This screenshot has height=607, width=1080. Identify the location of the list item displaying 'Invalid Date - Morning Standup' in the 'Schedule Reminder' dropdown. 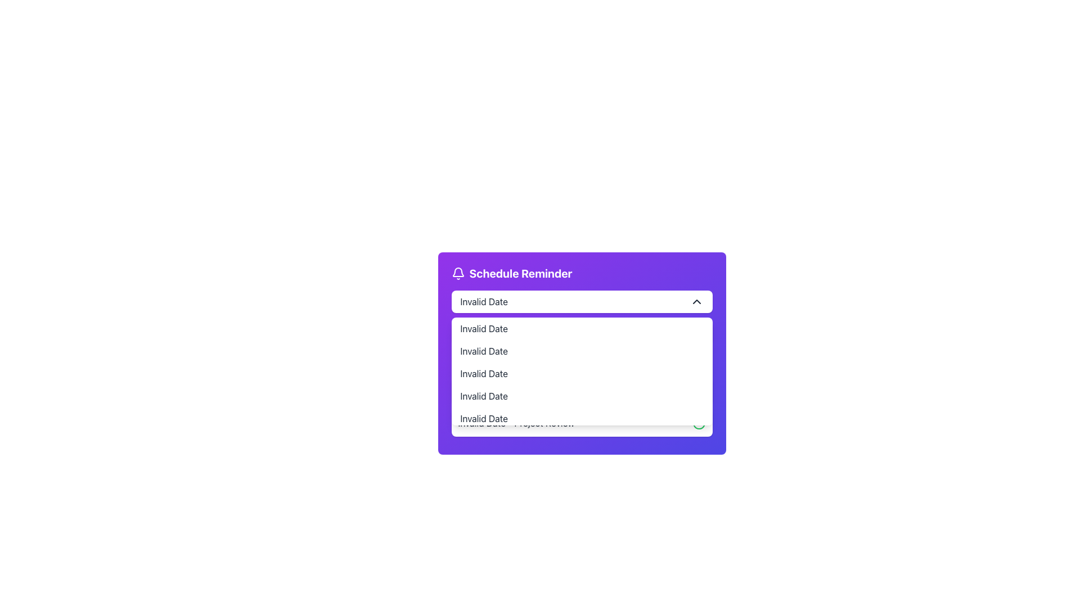
(582, 391).